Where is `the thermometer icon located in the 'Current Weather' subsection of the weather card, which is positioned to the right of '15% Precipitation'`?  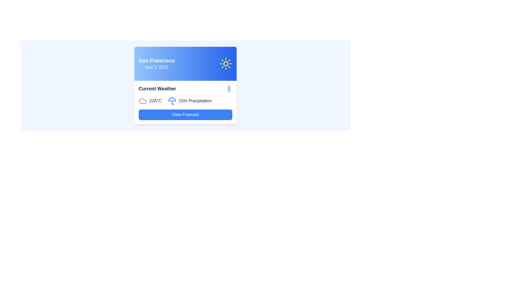 the thermometer icon located in the 'Current Weather' subsection of the weather card, which is positioned to the right of '15% Precipitation' is located at coordinates (229, 88).